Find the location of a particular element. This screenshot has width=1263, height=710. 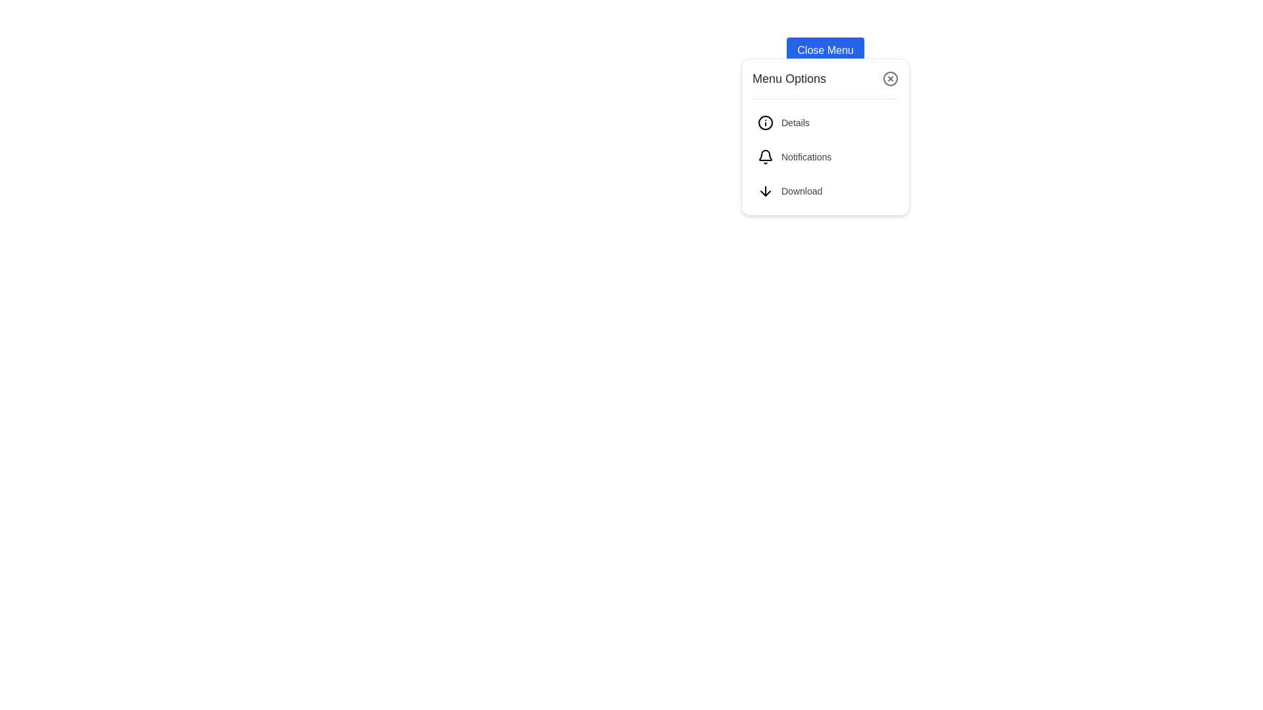

the SVG circle element that visually enhances the 'Details' menu option, which is located to the left of the 'Details' label in the 'Menu Options' dropdown menu is located at coordinates (765, 122).